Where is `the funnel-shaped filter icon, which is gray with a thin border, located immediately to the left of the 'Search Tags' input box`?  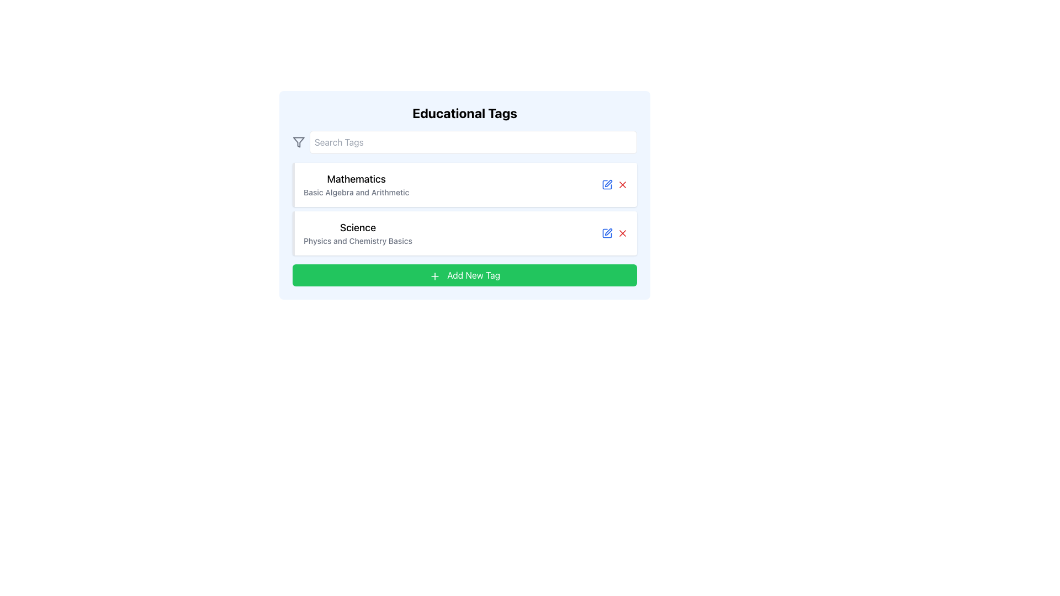
the funnel-shaped filter icon, which is gray with a thin border, located immediately to the left of the 'Search Tags' input box is located at coordinates (299, 142).